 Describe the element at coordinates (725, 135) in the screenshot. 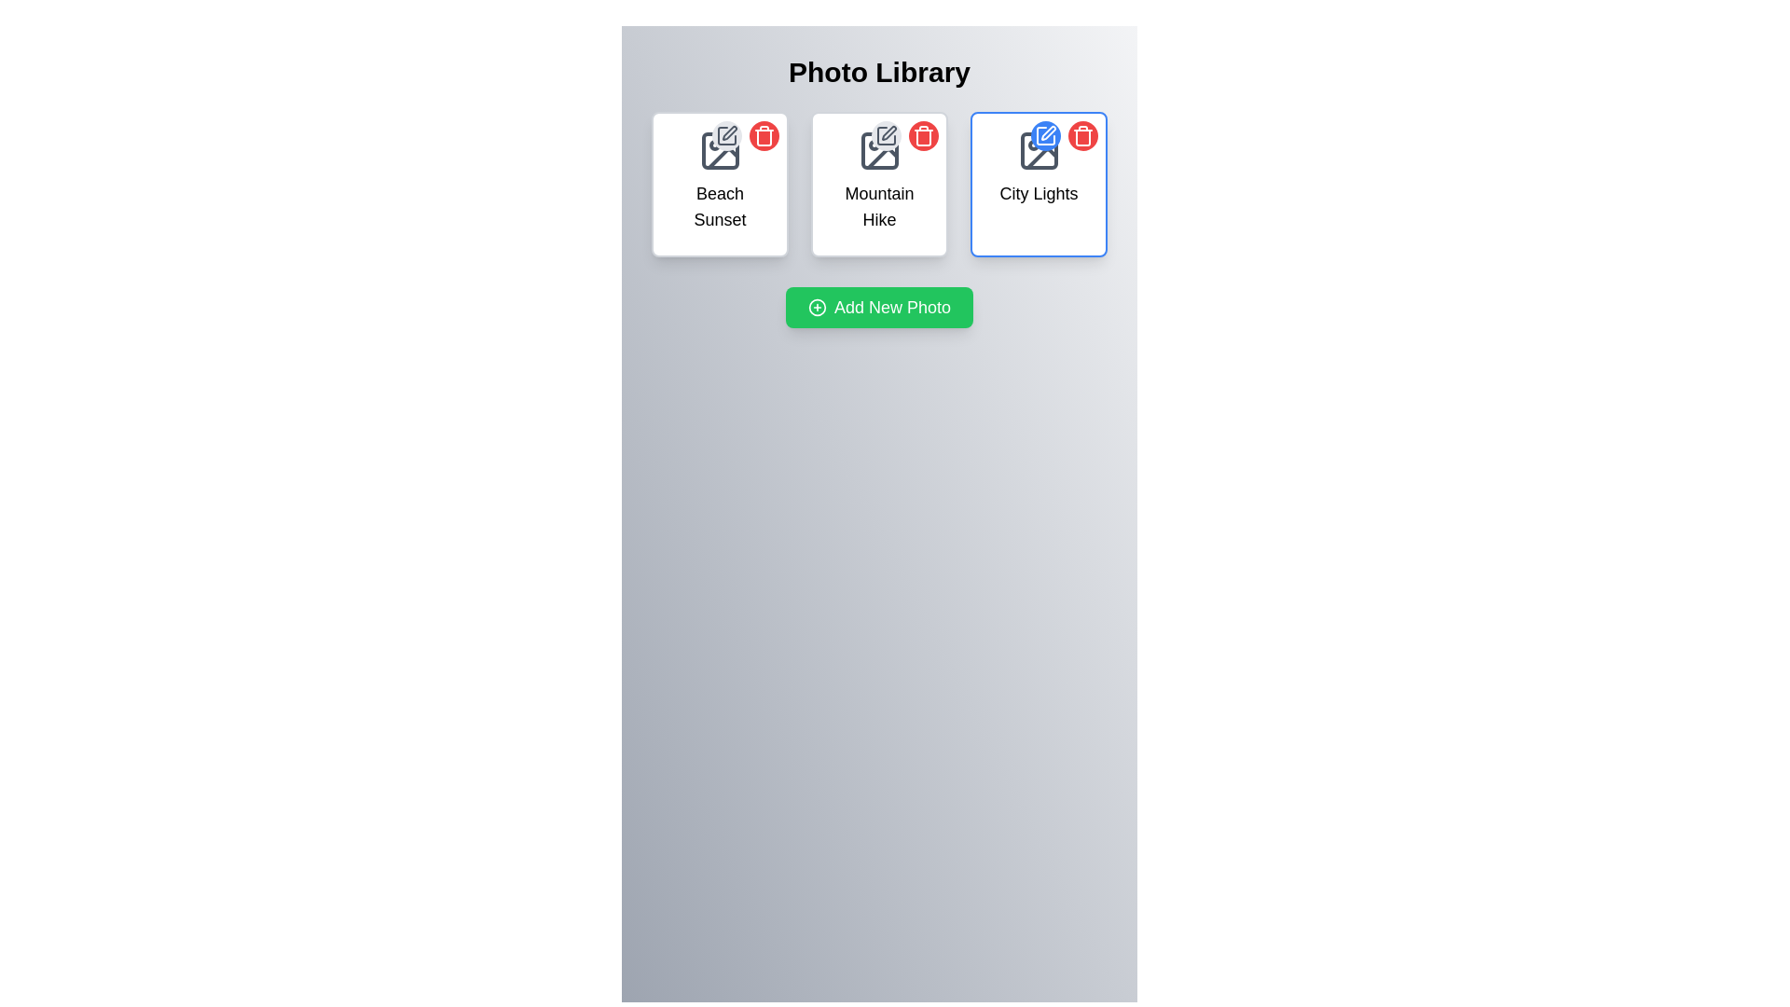

I see `the circular edit button with a light gray background and dark gray pencil icon located at the top-right corner of the 'Beach Sunset' card` at that location.